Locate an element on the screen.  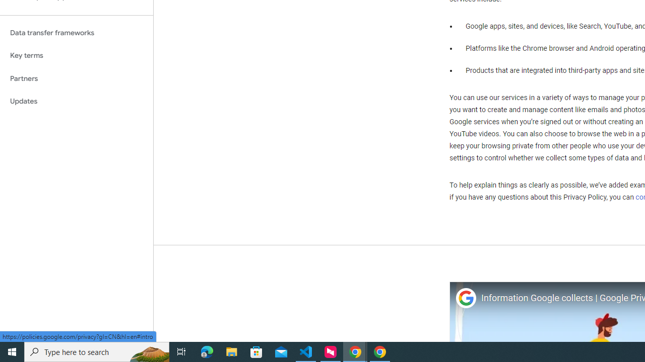
'Partners' is located at coordinates (76, 78).